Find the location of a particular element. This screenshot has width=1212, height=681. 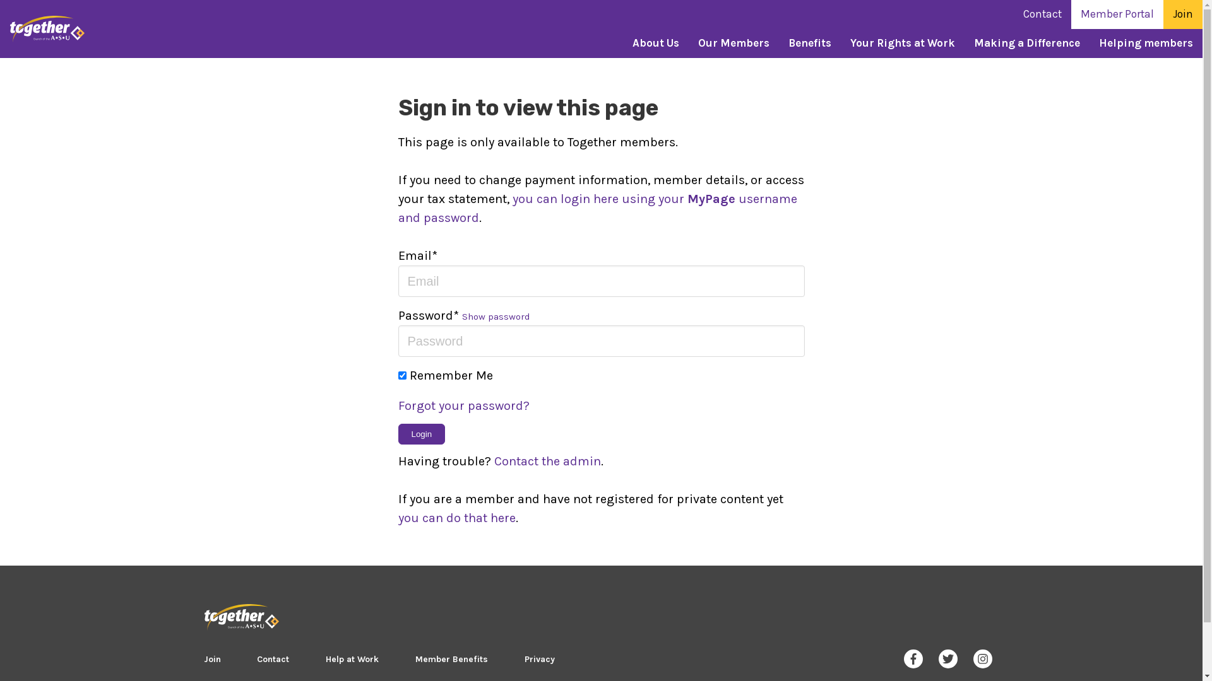

'Your Rights at Work' is located at coordinates (902, 43).